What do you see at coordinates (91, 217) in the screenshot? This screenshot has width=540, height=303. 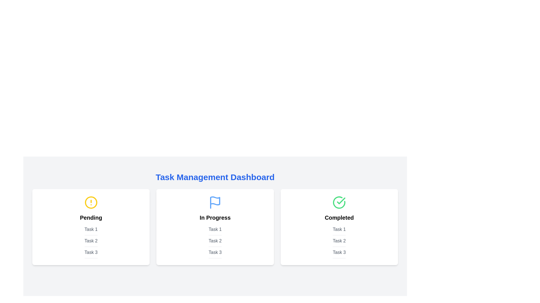 I see `the label indicating the status of pending tasks, located in the leftmost column below a yellow alert icon and above the task list` at bounding box center [91, 217].